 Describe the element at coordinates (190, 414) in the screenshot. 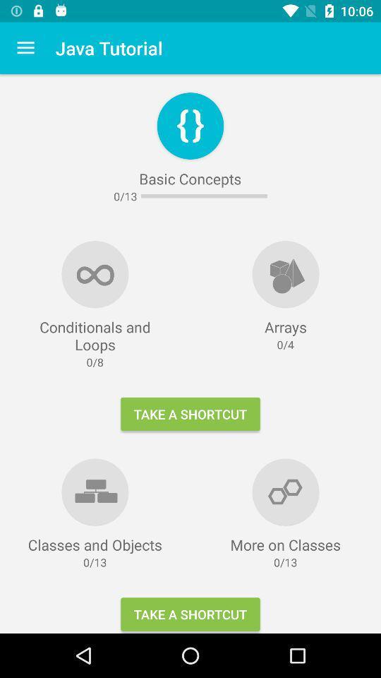

I see `the first button take a shortcut on the web page` at that location.